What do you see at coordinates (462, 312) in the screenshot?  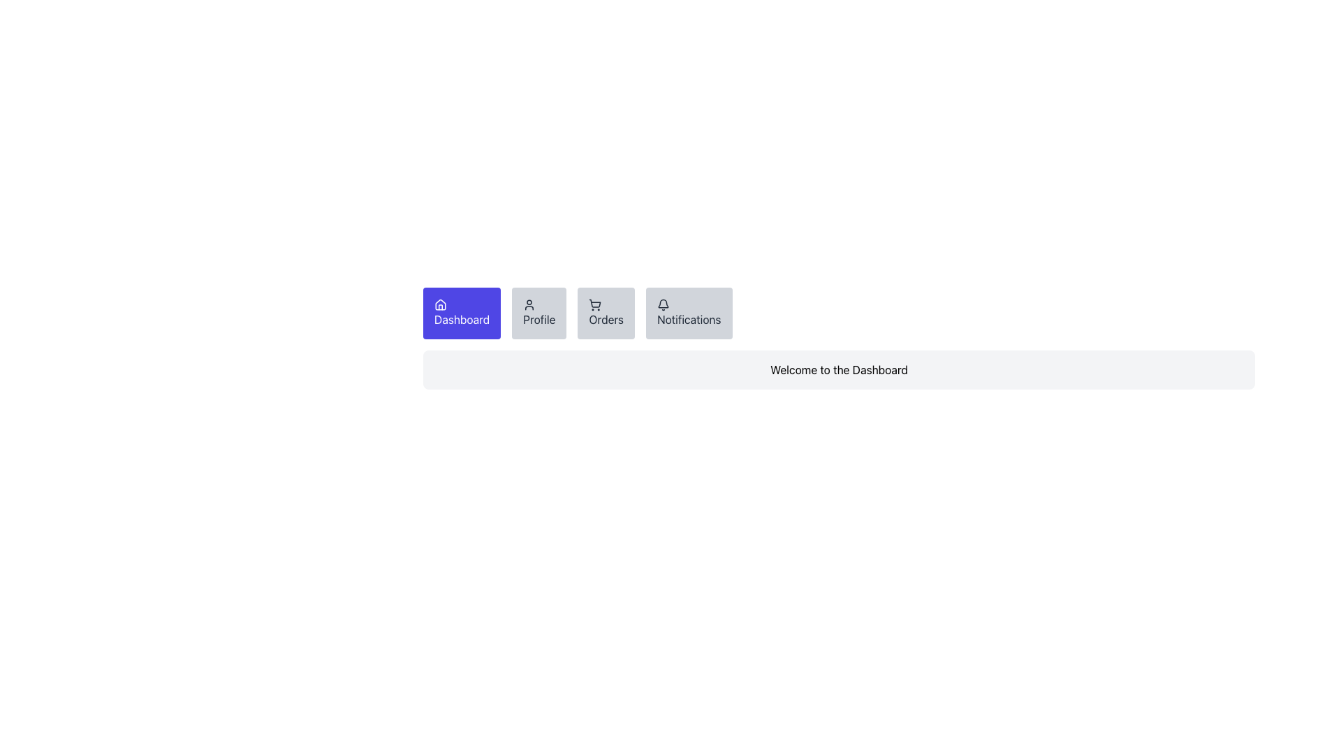 I see `the 'Dashboard' button for keyboard navigation` at bounding box center [462, 312].